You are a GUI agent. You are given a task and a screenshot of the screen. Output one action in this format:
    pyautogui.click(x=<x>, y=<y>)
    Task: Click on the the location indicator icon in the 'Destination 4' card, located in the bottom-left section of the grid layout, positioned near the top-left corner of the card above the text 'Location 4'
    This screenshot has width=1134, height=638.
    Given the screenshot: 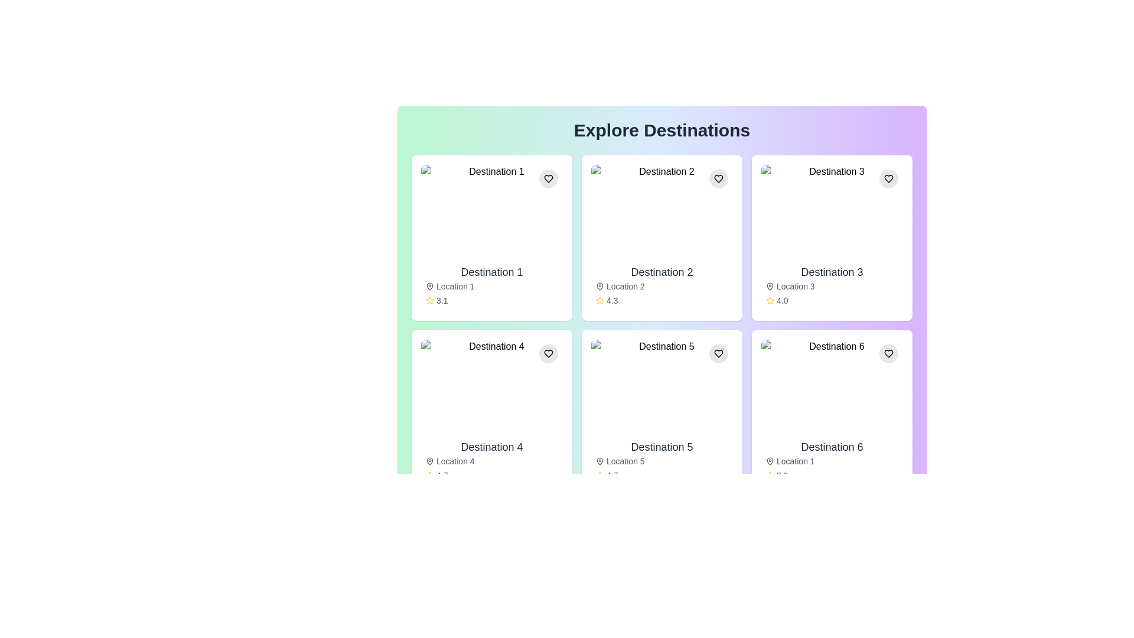 What is the action you would take?
    pyautogui.click(x=429, y=460)
    